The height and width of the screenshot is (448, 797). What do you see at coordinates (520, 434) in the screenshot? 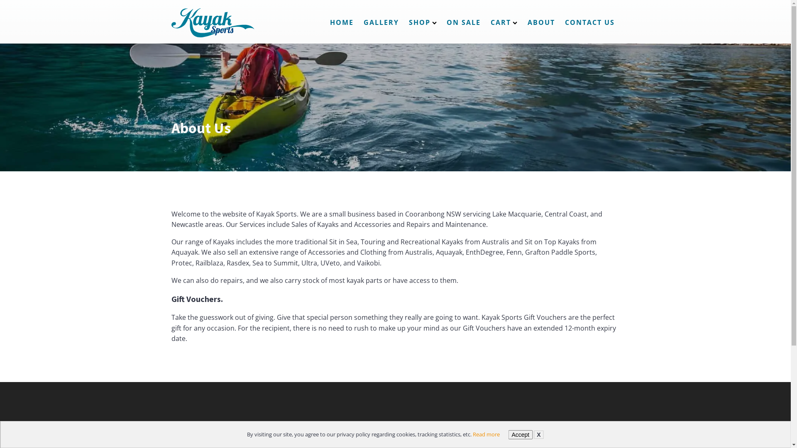
I see `'Accept'` at bounding box center [520, 434].